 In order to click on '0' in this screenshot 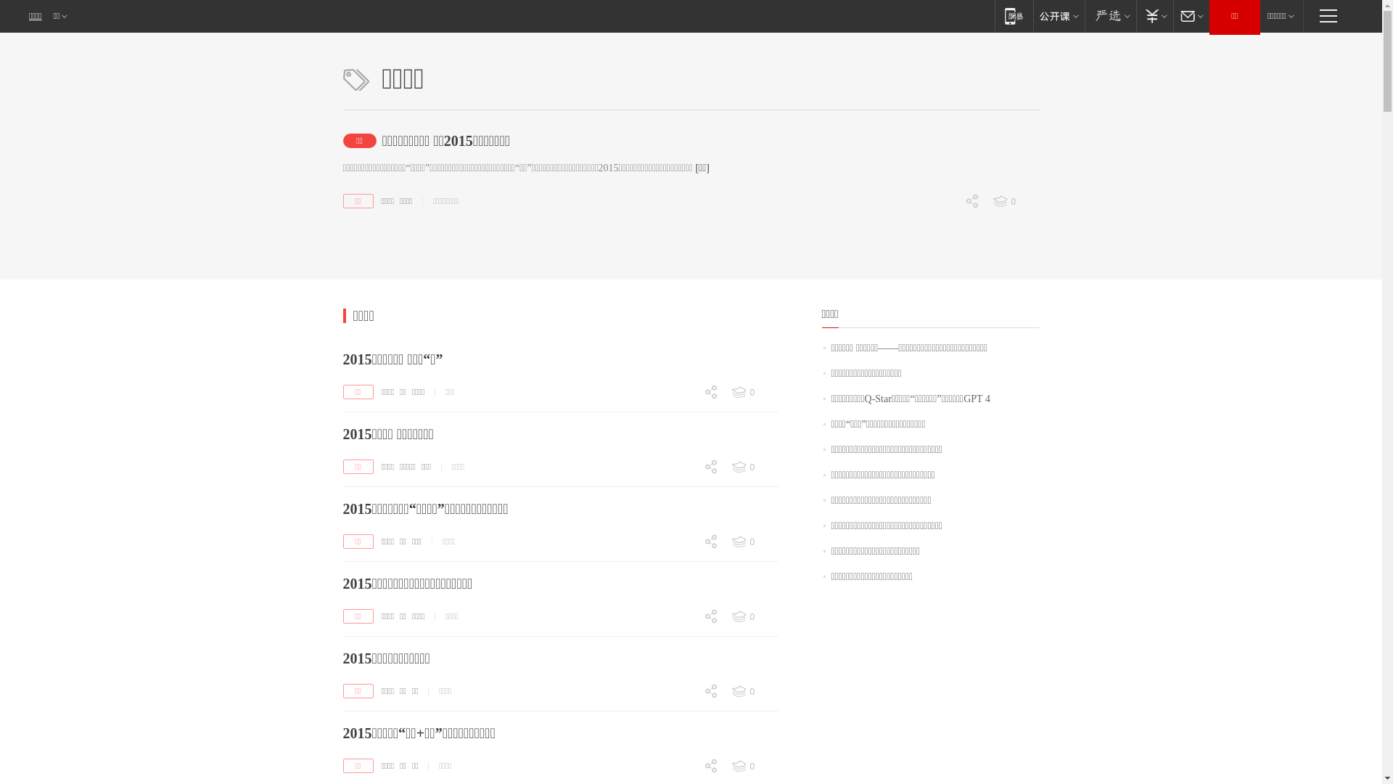, I will do `click(681, 767)`.